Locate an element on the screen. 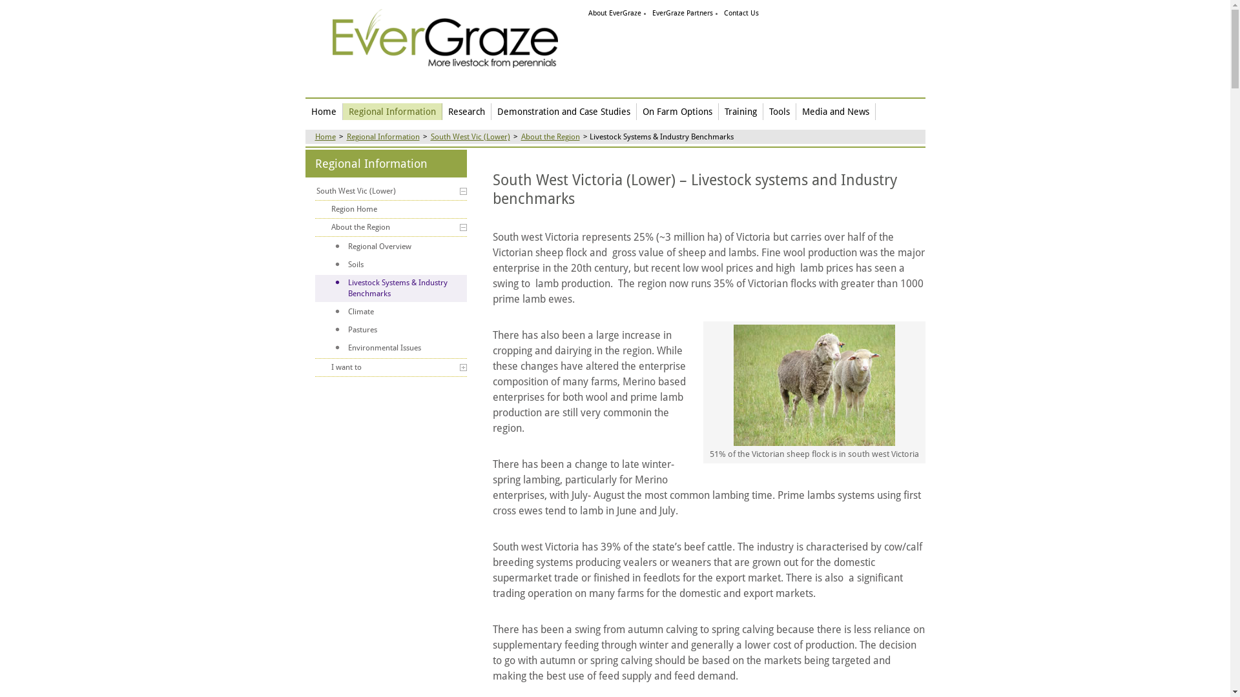 This screenshot has height=697, width=1240. 'Demonstration and Case Studies' is located at coordinates (563, 111).